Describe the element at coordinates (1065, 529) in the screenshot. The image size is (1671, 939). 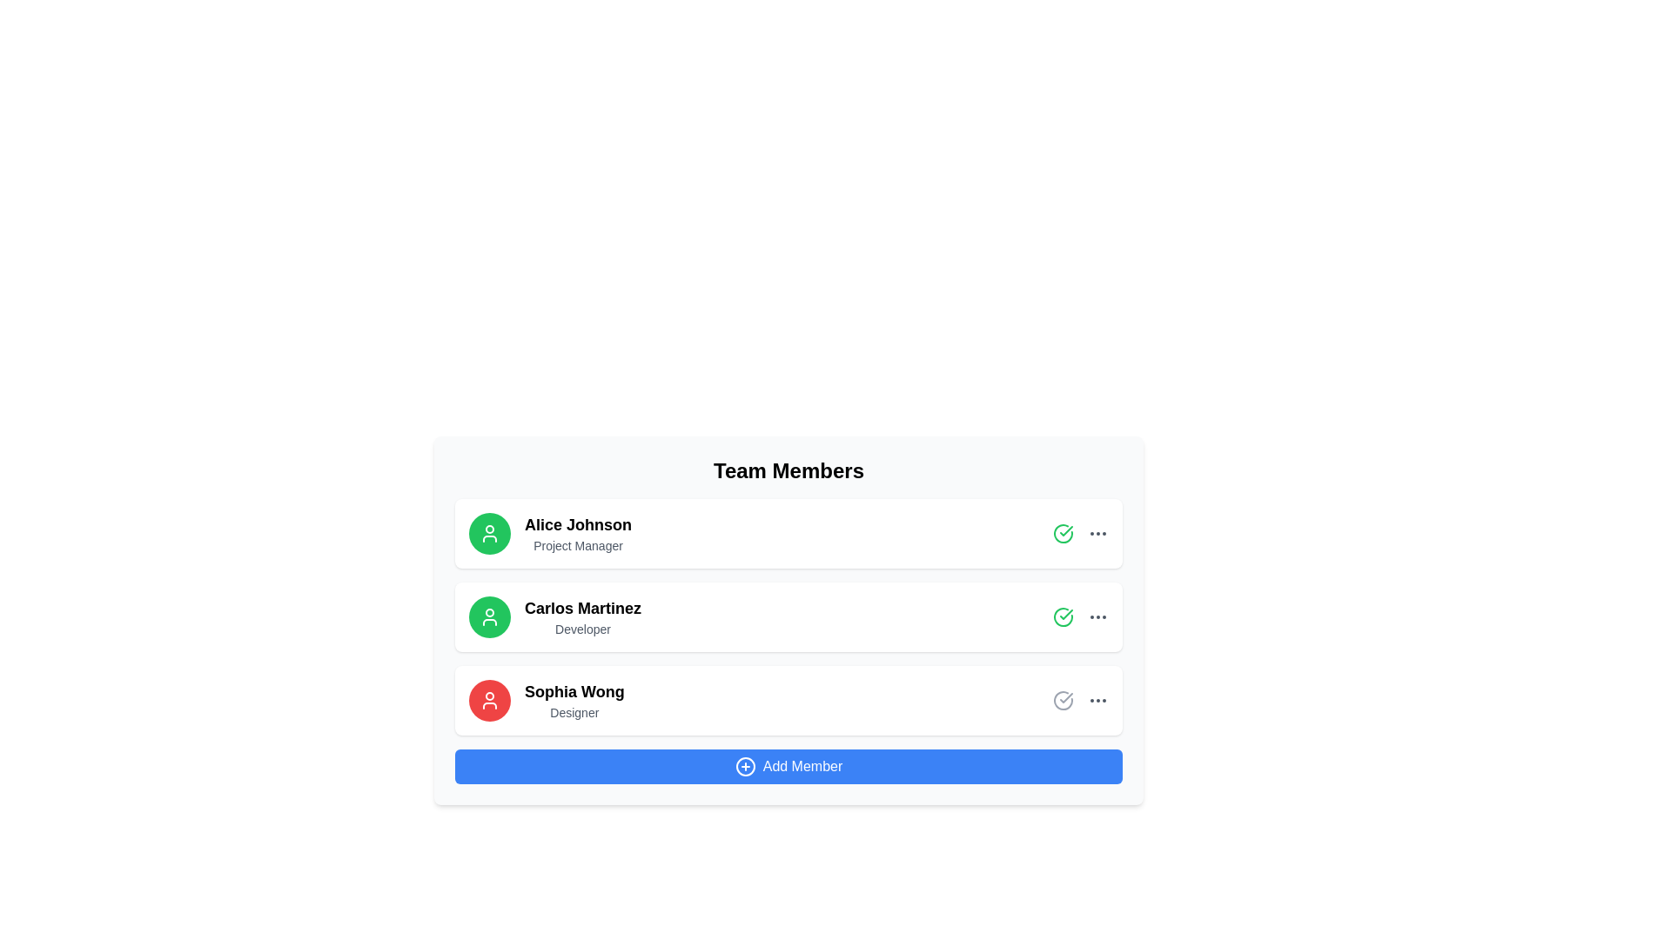
I see `attributes of the checkmark vector graphic indicating that Carlos Martinez is confirmed, located within a green circular icon on the right side of the row` at that location.